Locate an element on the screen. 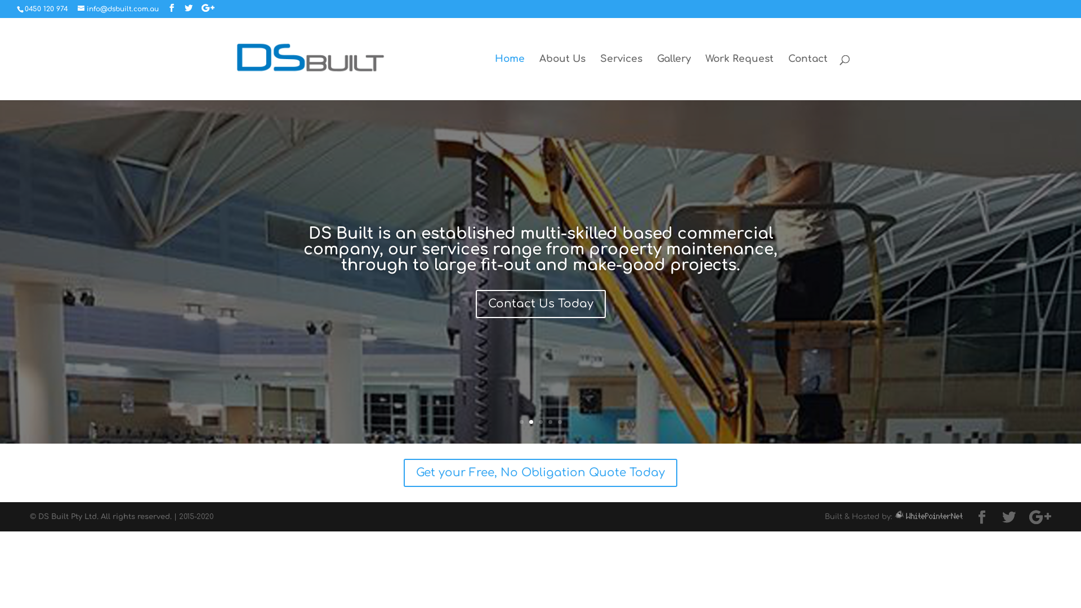  '4' is located at coordinates (548, 422).